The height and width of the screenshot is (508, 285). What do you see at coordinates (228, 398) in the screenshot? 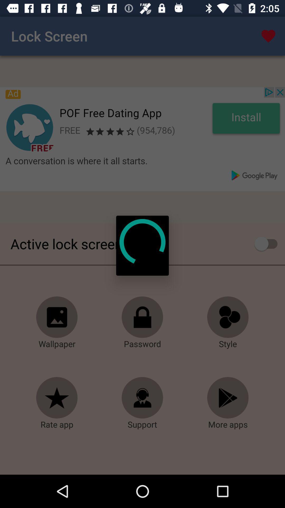
I see `explore more apps` at bounding box center [228, 398].